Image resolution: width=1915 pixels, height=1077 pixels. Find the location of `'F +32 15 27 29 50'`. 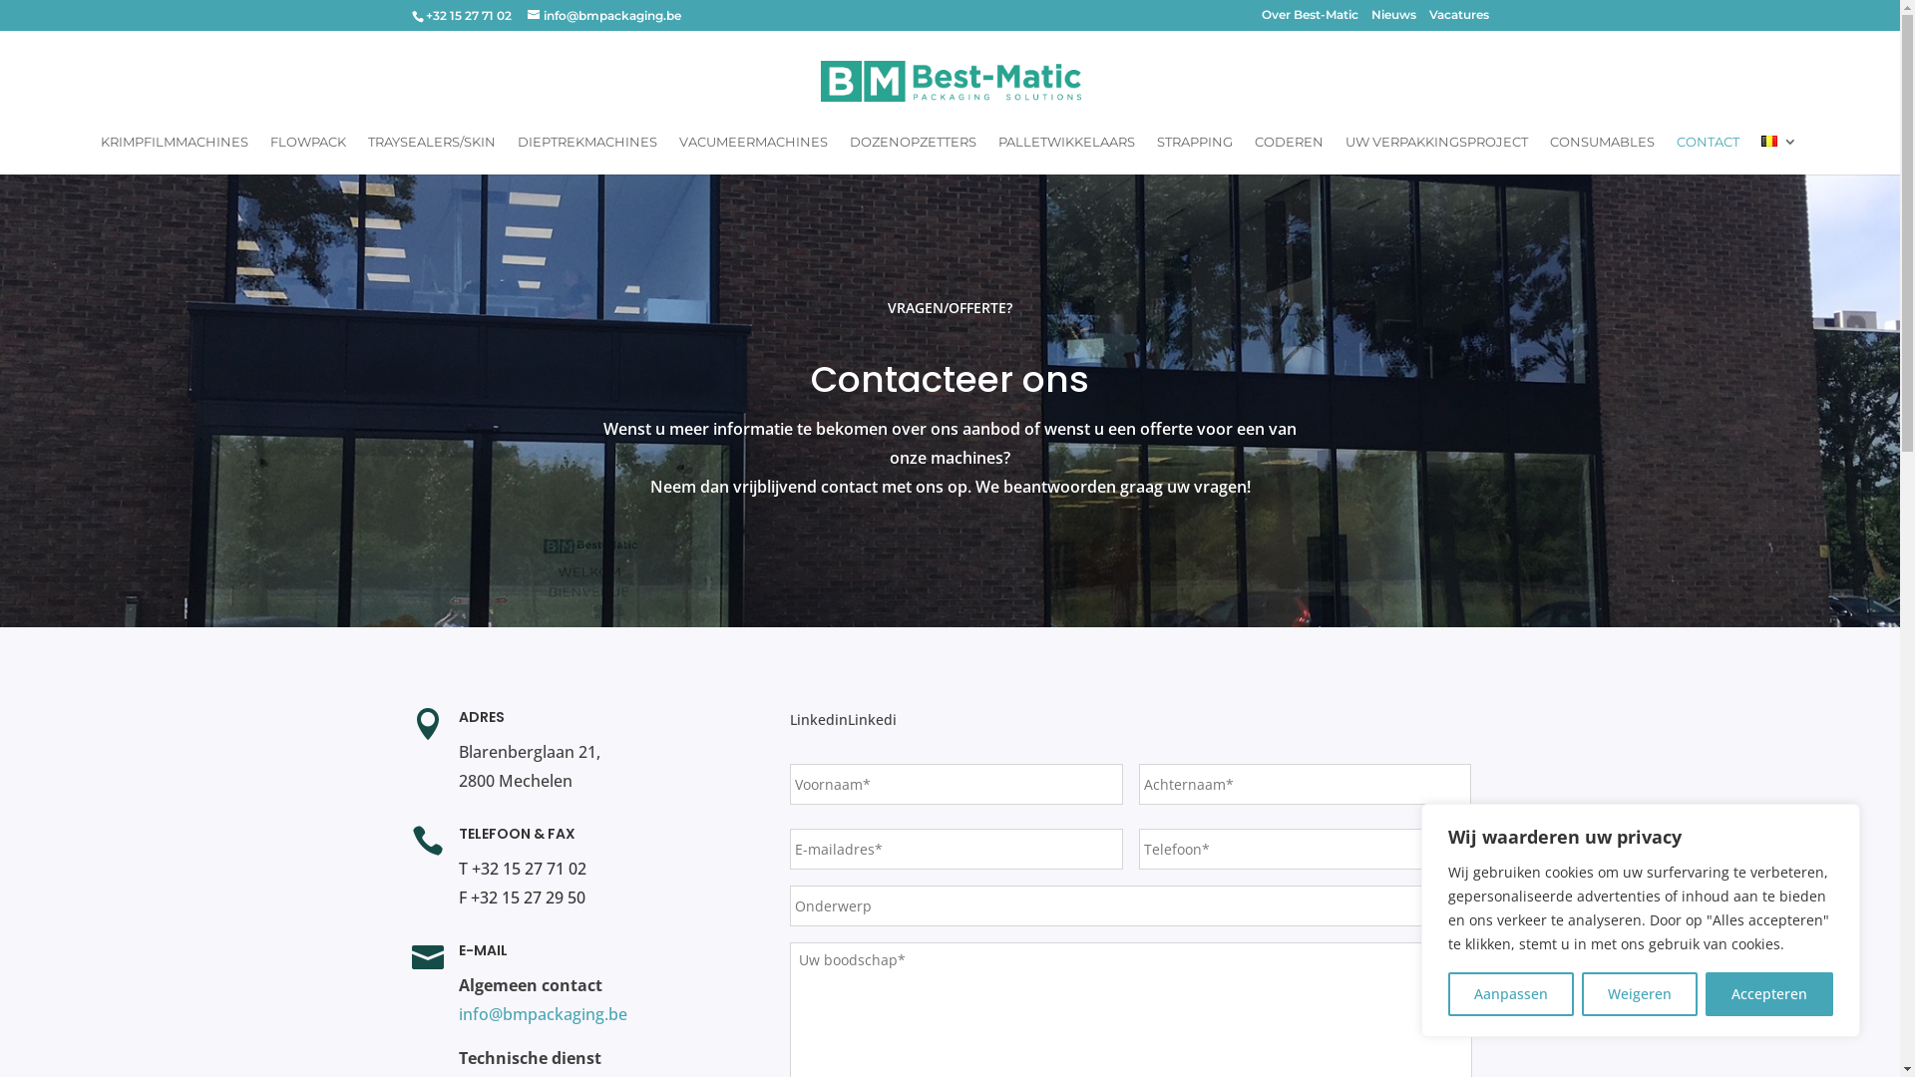

'F +32 15 27 29 50' is located at coordinates (522, 896).